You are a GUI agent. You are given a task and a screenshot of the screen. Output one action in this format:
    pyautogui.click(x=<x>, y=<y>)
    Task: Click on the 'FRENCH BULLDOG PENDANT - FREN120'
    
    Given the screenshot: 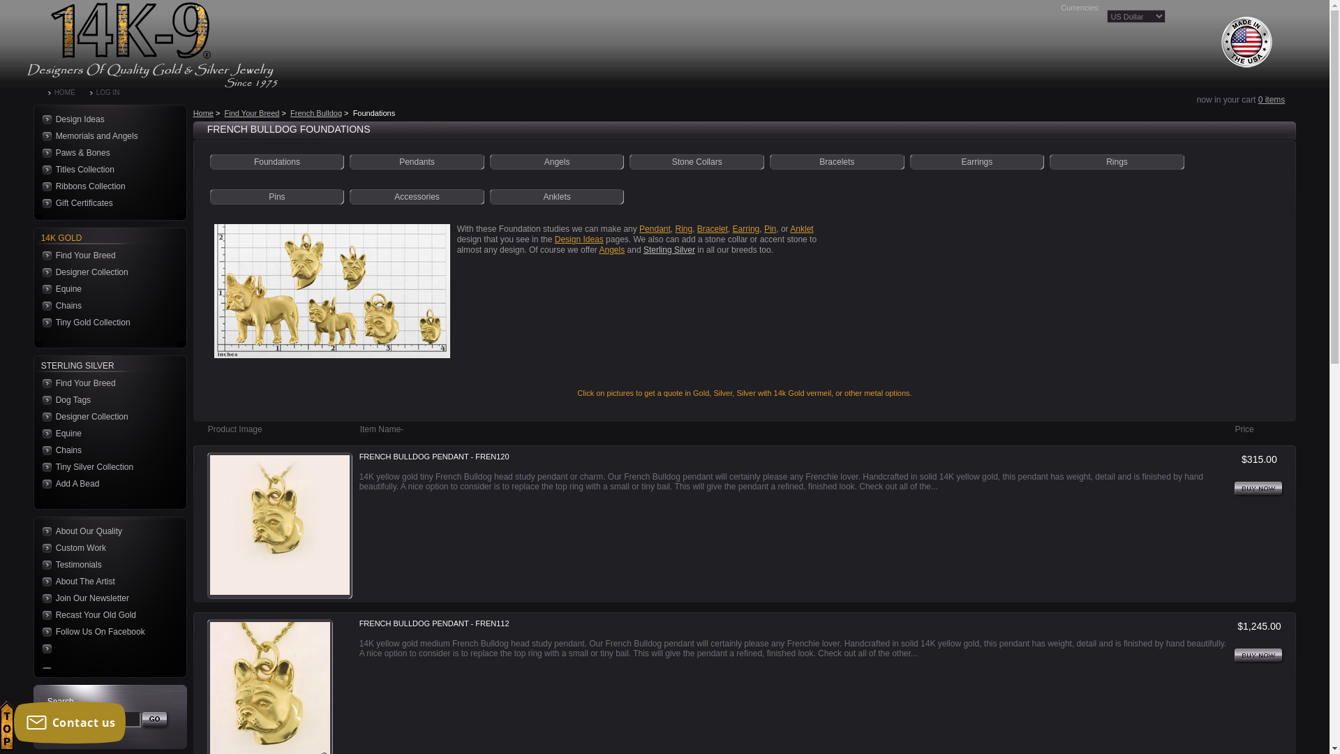 What is the action you would take?
    pyautogui.click(x=433, y=457)
    